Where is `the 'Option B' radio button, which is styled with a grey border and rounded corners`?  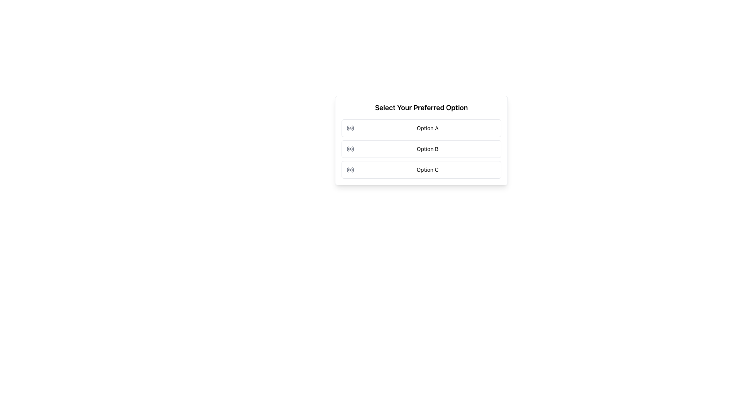 the 'Option B' radio button, which is styled with a grey border and rounded corners is located at coordinates (421, 149).